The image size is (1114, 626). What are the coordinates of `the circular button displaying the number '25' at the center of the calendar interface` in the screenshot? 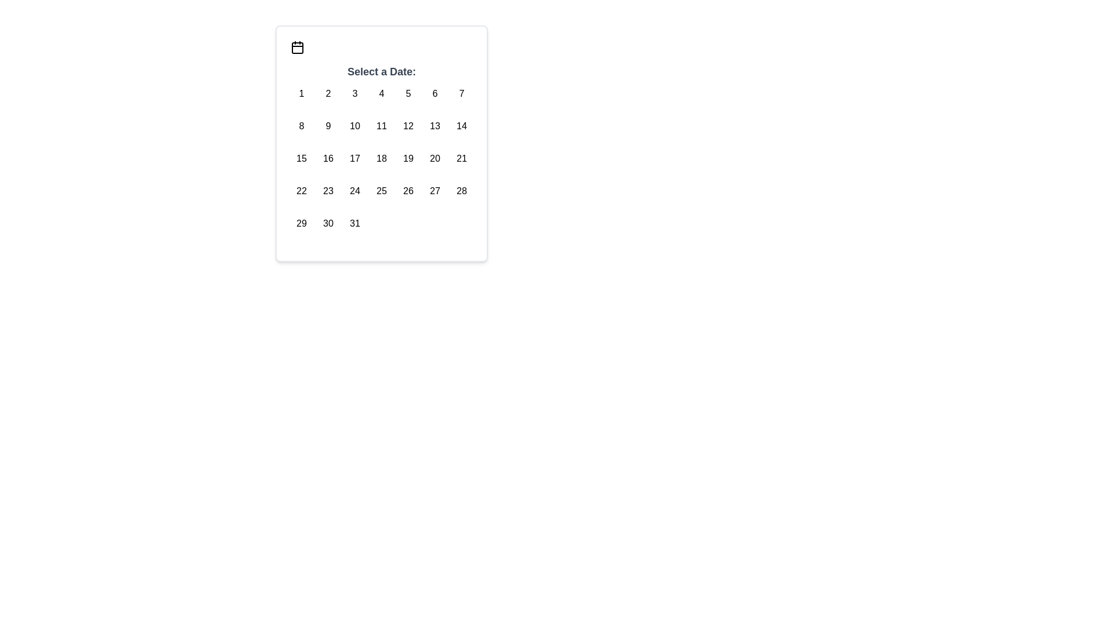 It's located at (381, 191).